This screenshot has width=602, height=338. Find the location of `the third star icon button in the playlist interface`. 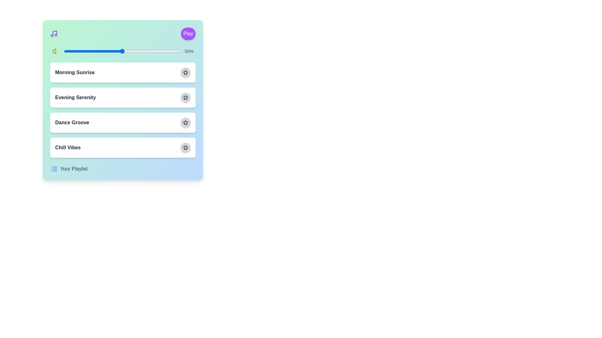

the third star icon button in the playlist interface is located at coordinates (185, 122).